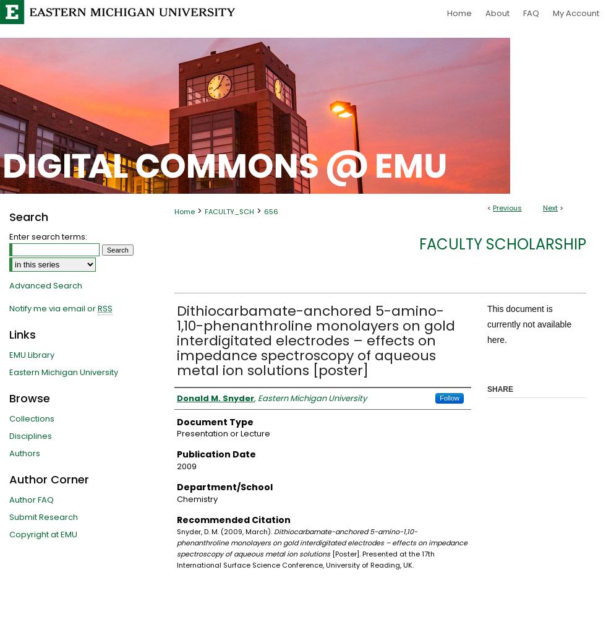 The width and height of the screenshot is (606, 619). Describe the element at coordinates (550, 207) in the screenshot. I see `'Next'` at that location.